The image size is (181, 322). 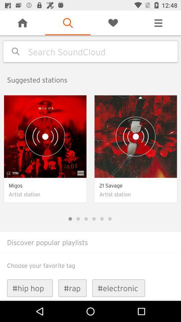 What do you see at coordinates (29, 288) in the screenshot?
I see `item next to the #rap item` at bounding box center [29, 288].